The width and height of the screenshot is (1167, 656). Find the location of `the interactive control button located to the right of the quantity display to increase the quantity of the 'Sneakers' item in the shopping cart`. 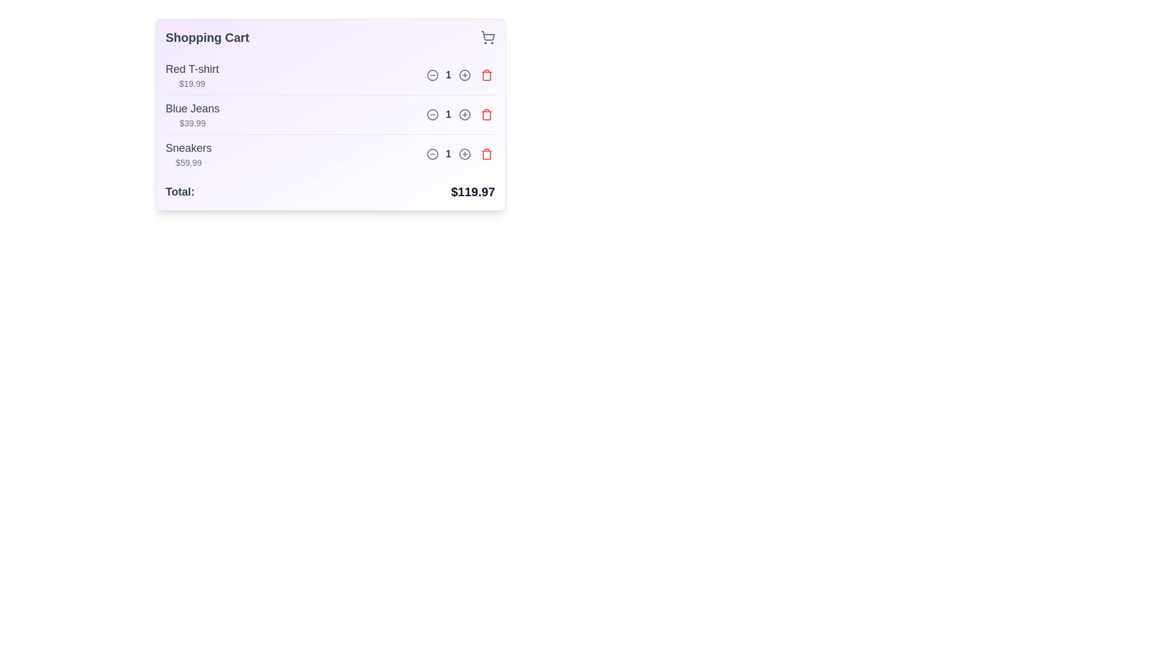

the interactive control button located to the right of the quantity display to increase the quantity of the 'Sneakers' item in the shopping cart is located at coordinates (464, 154).